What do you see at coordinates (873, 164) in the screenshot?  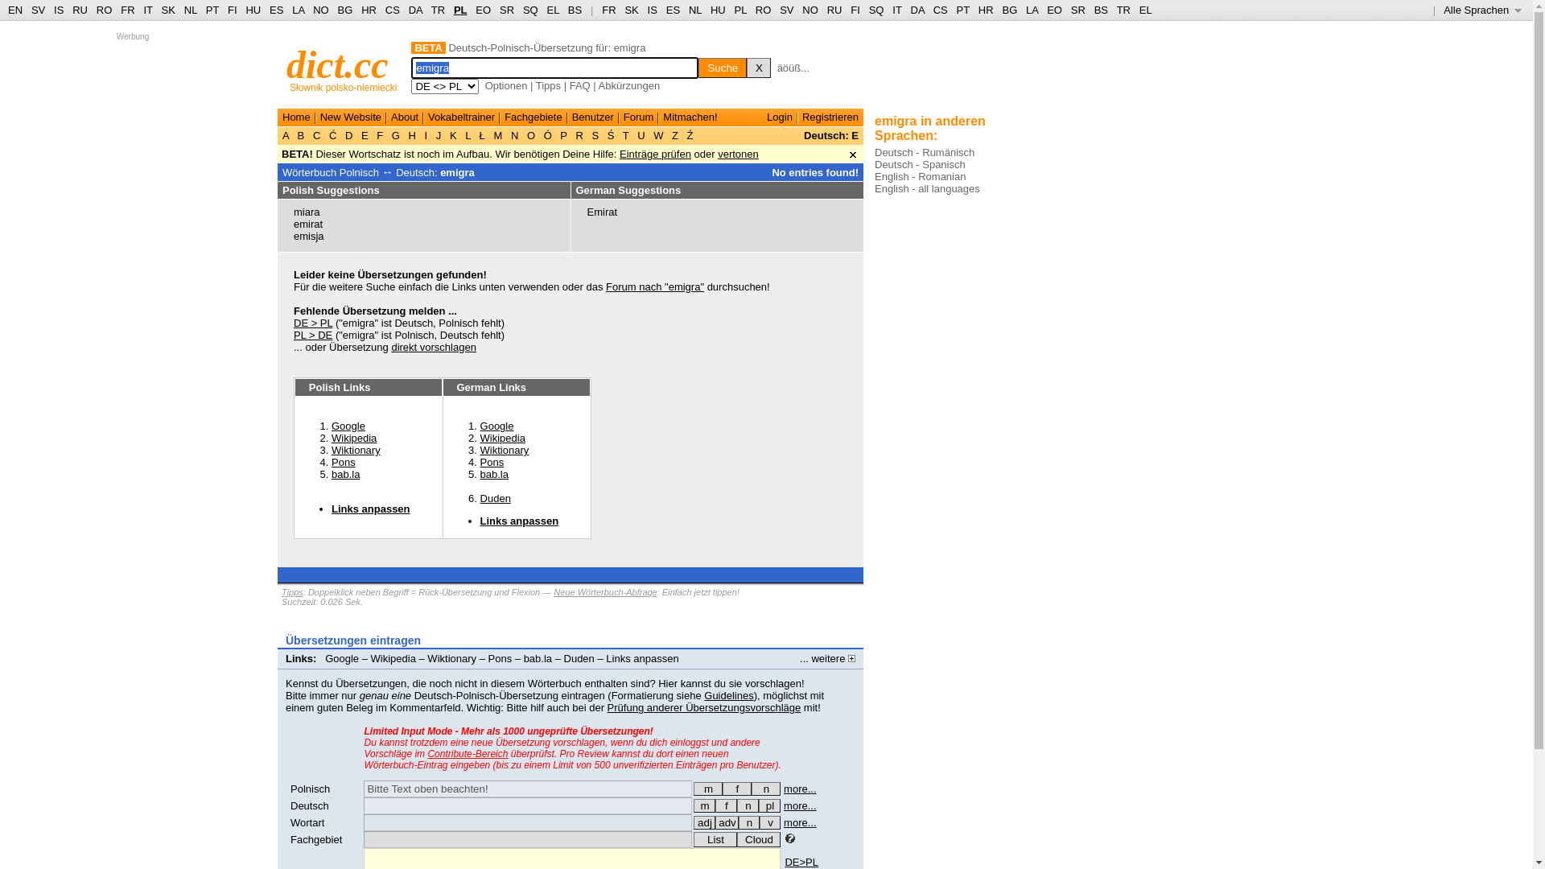 I see `'Deutsch - Spanisch'` at bounding box center [873, 164].